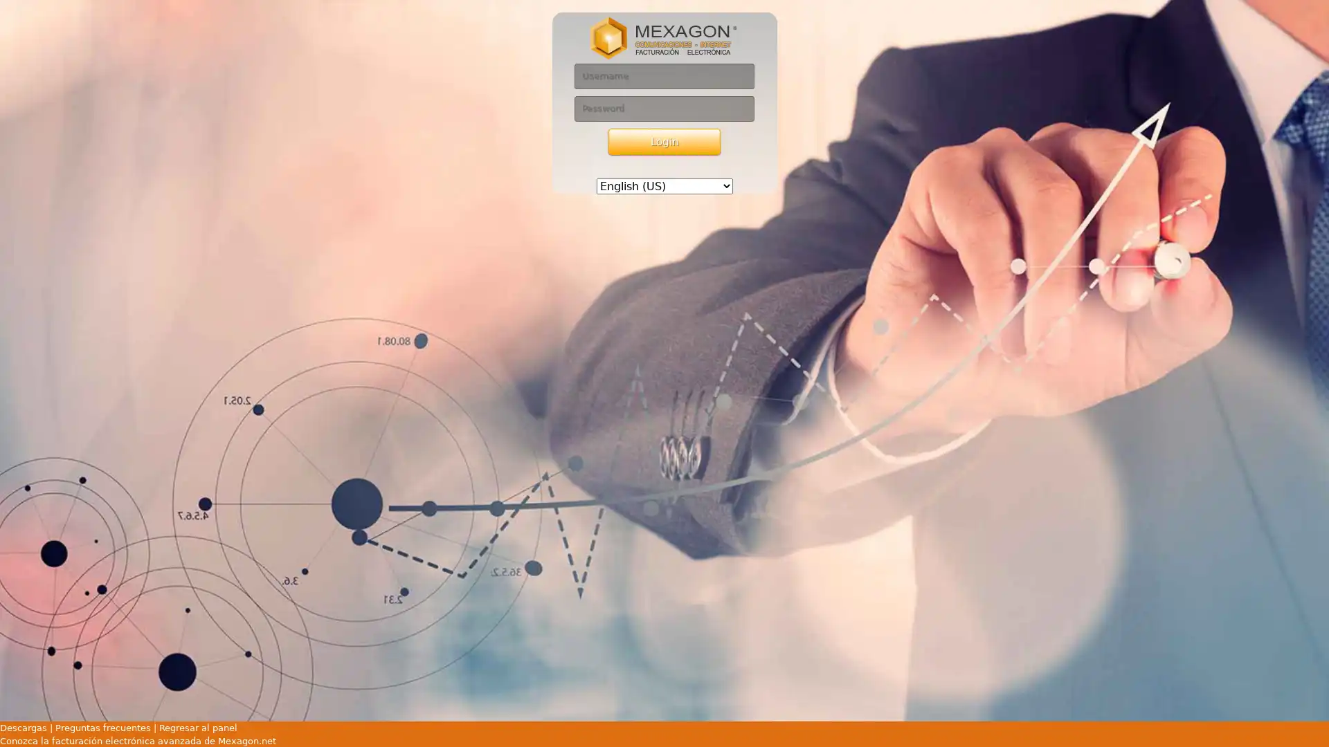  I want to click on Login, so click(663, 141).